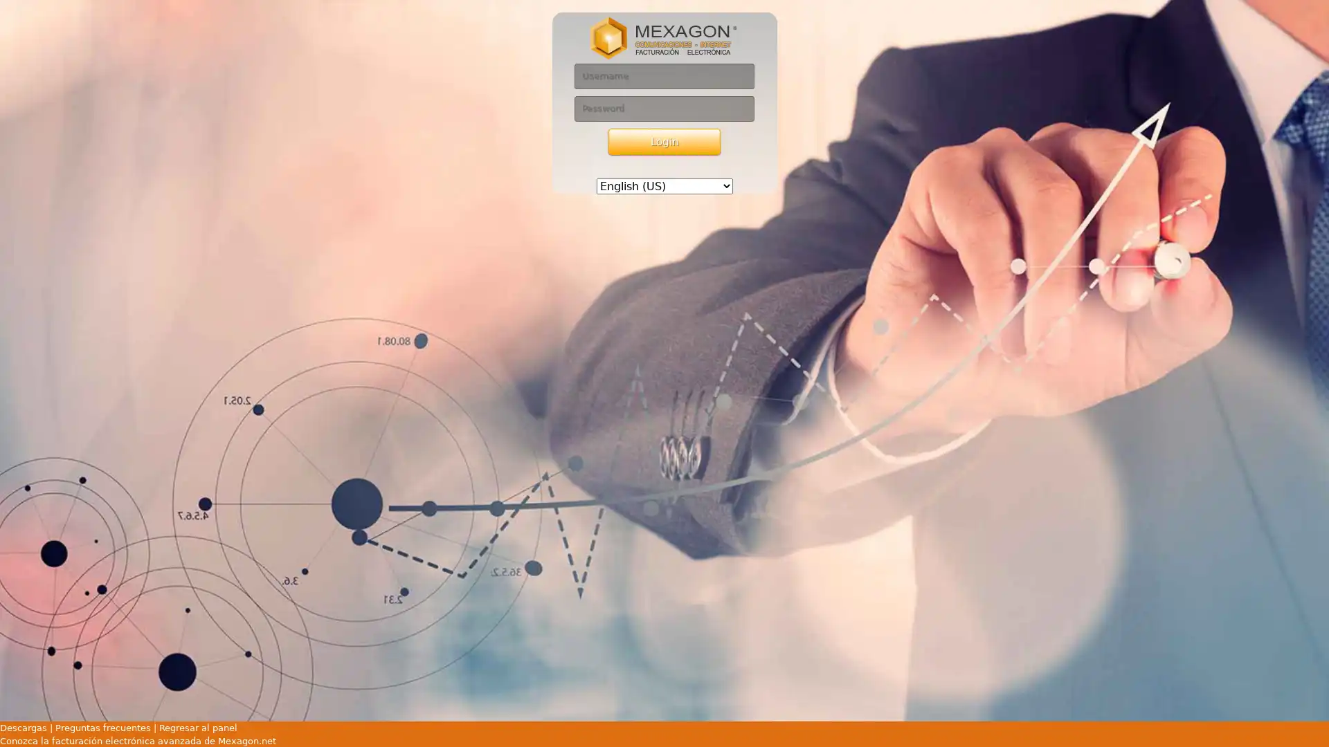  I want to click on Login, so click(663, 141).